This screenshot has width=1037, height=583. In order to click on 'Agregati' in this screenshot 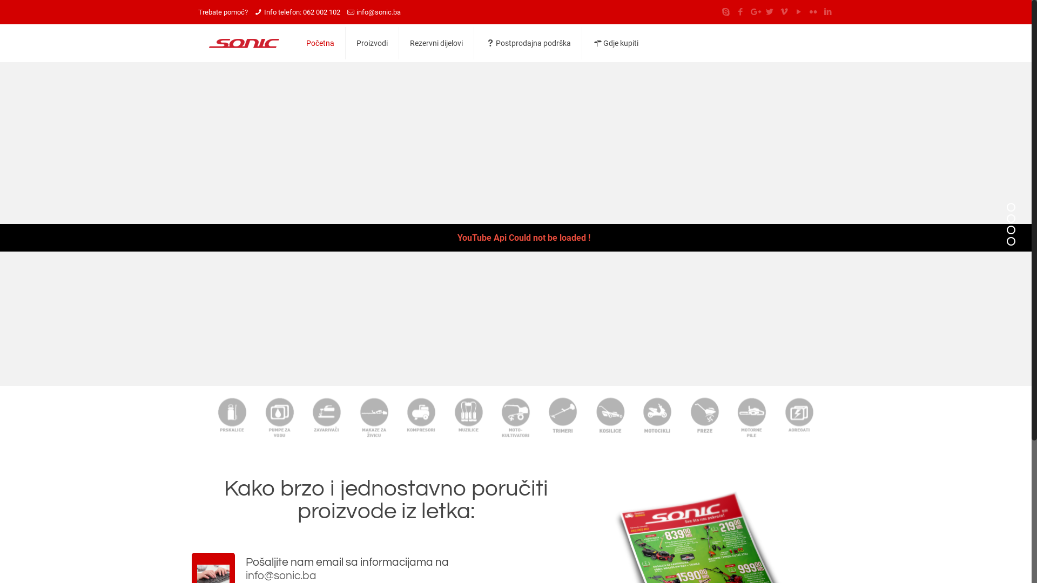, I will do `click(799, 416)`.